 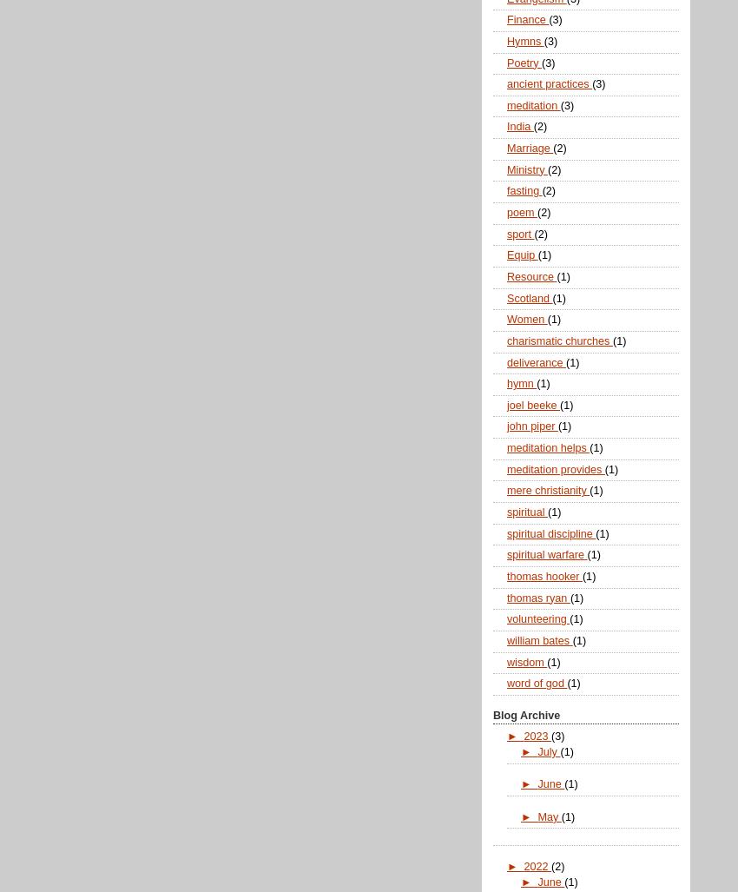 I want to click on 'volunteering', so click(x=537, y=619).